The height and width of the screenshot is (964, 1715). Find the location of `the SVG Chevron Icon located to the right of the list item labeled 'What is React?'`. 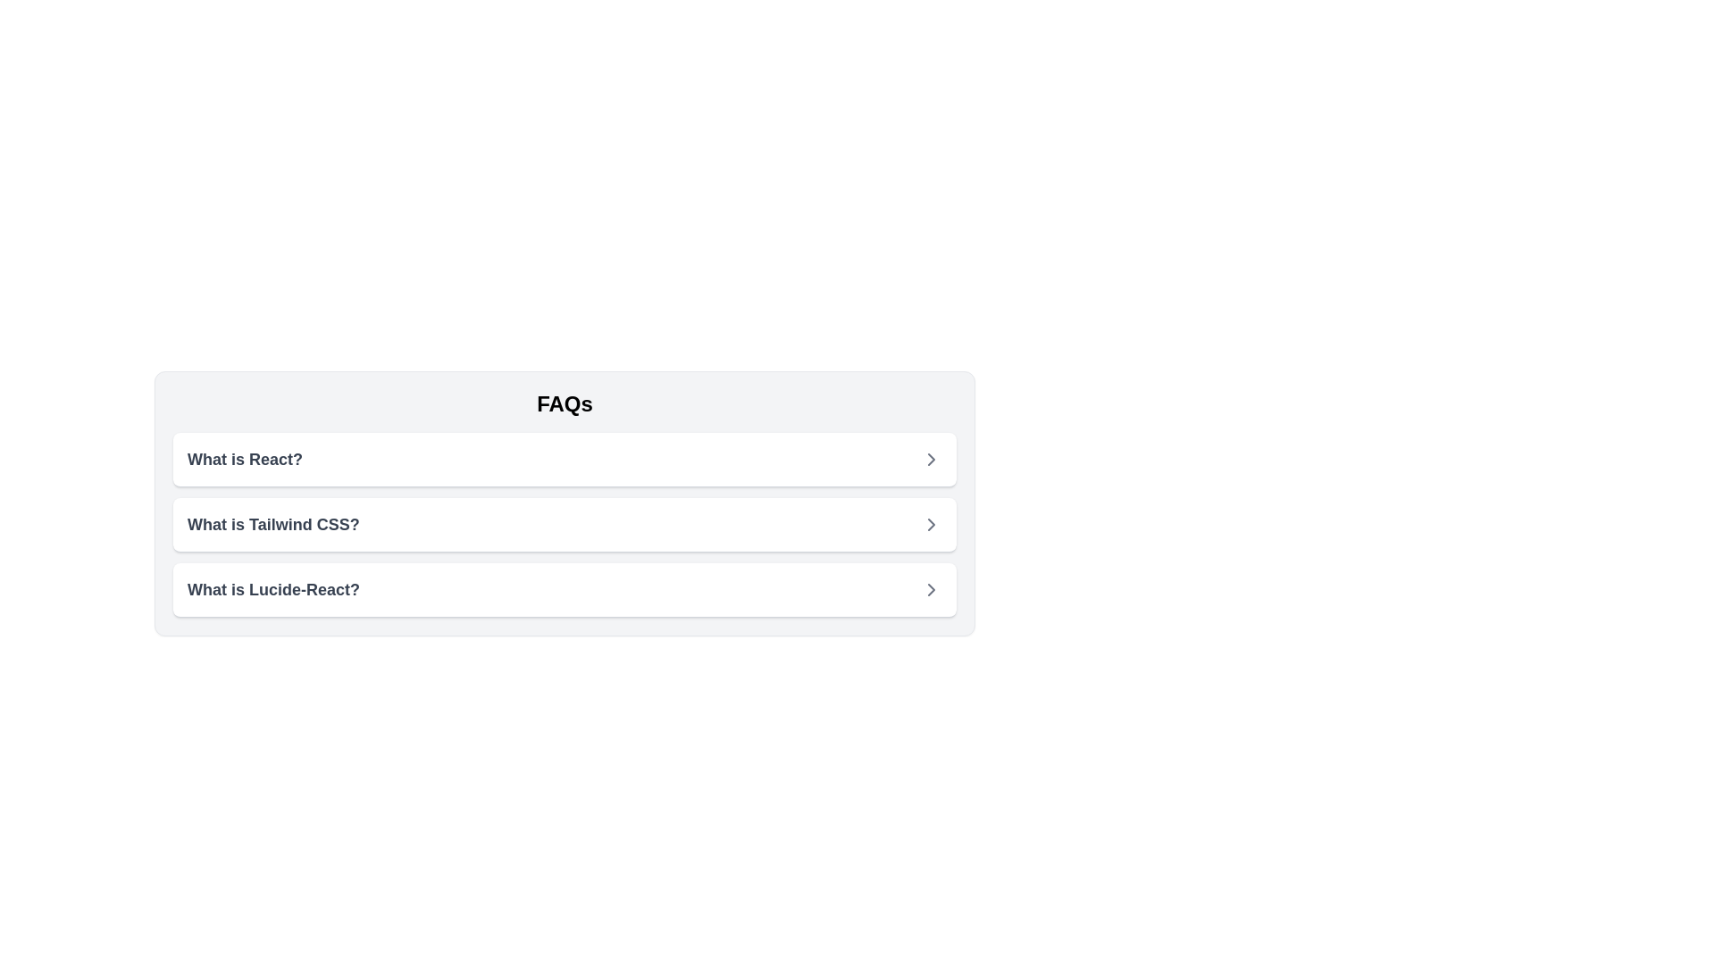

the SVG Chevron Icon located to the right of the list item labeled 'What is React?' is located at coordinates (930, 459).